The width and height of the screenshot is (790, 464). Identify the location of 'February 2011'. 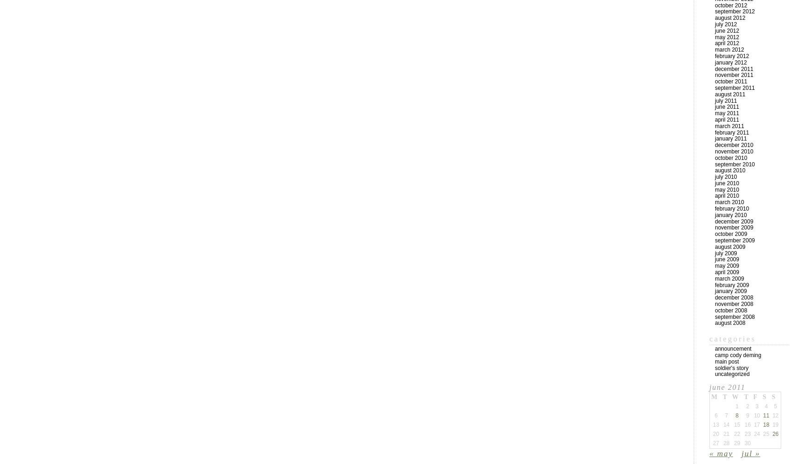
(731, 132).